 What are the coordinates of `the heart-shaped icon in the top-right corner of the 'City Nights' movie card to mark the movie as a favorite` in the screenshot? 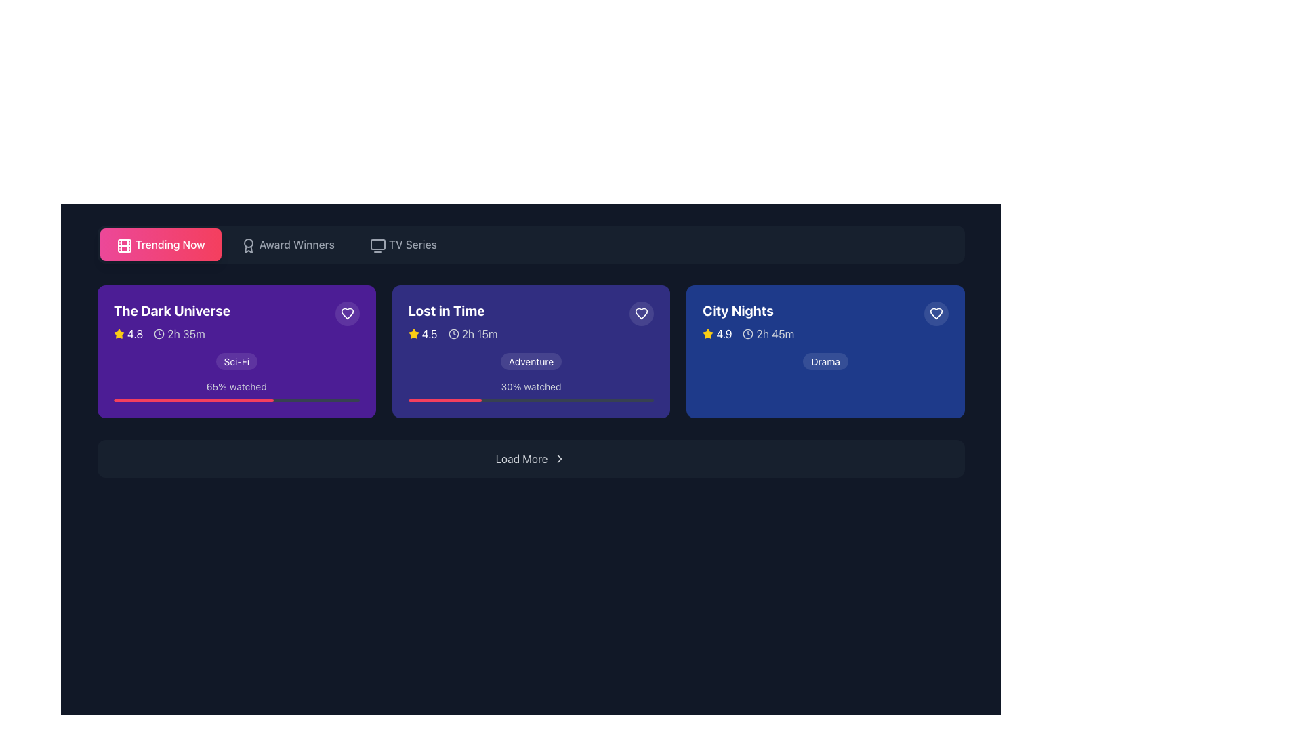 It's located at (935, 313).